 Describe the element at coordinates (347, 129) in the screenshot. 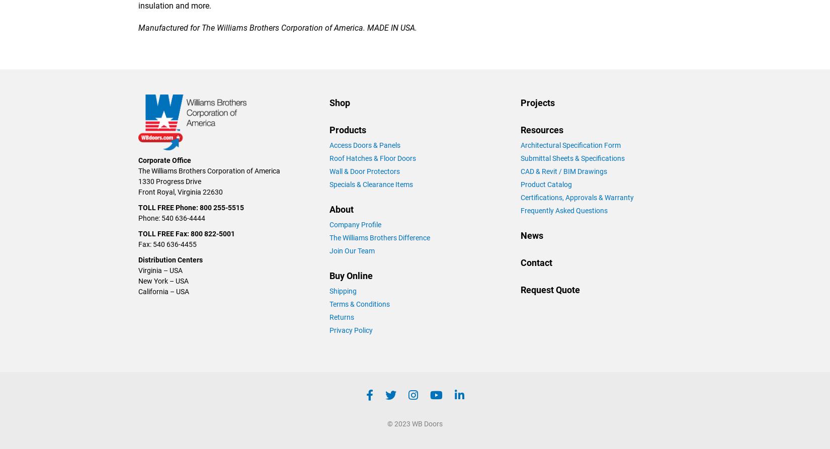

I see `'Products'` at that location.